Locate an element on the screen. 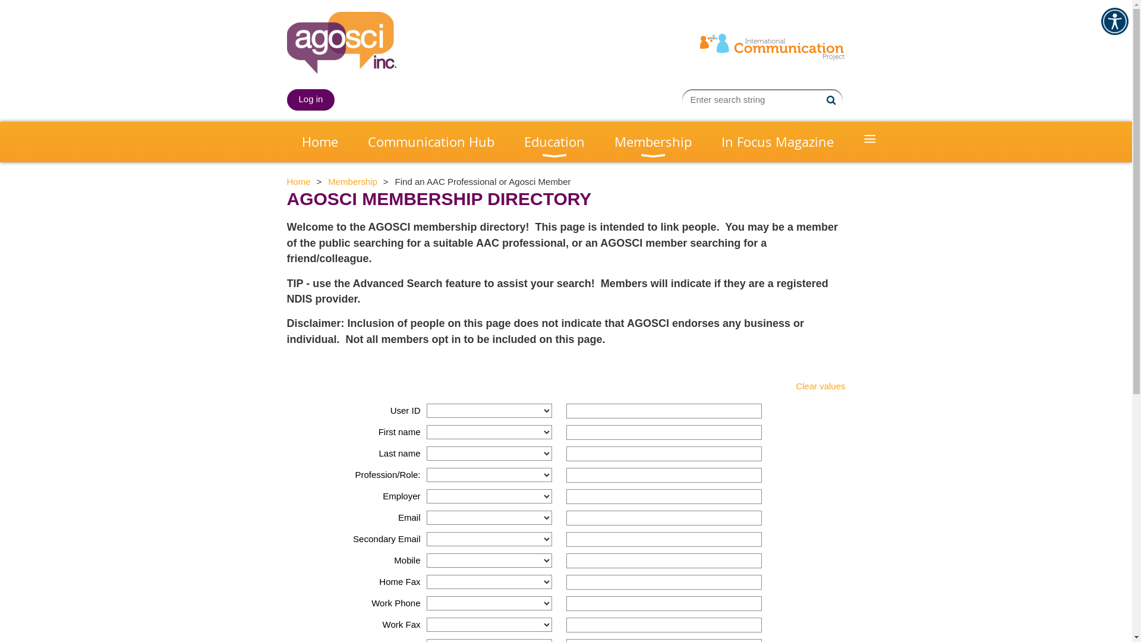  'Education' is located at coordinates (553, 141).